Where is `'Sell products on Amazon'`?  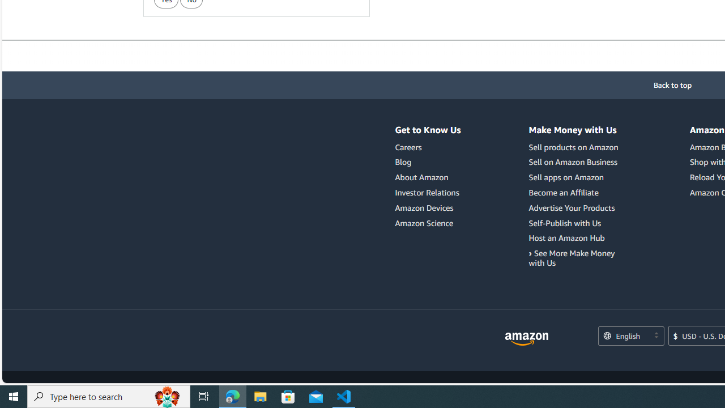
'Sell products on Amazon' is located at coordinates (575, 147).